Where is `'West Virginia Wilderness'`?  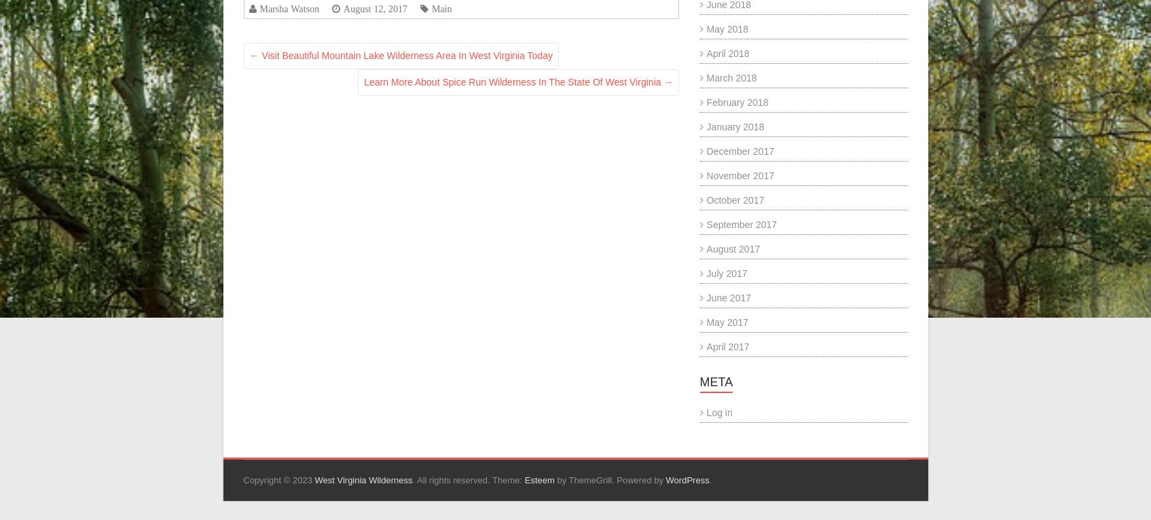
'West Virginia Wilderness' is located at coordinates (363, 479).